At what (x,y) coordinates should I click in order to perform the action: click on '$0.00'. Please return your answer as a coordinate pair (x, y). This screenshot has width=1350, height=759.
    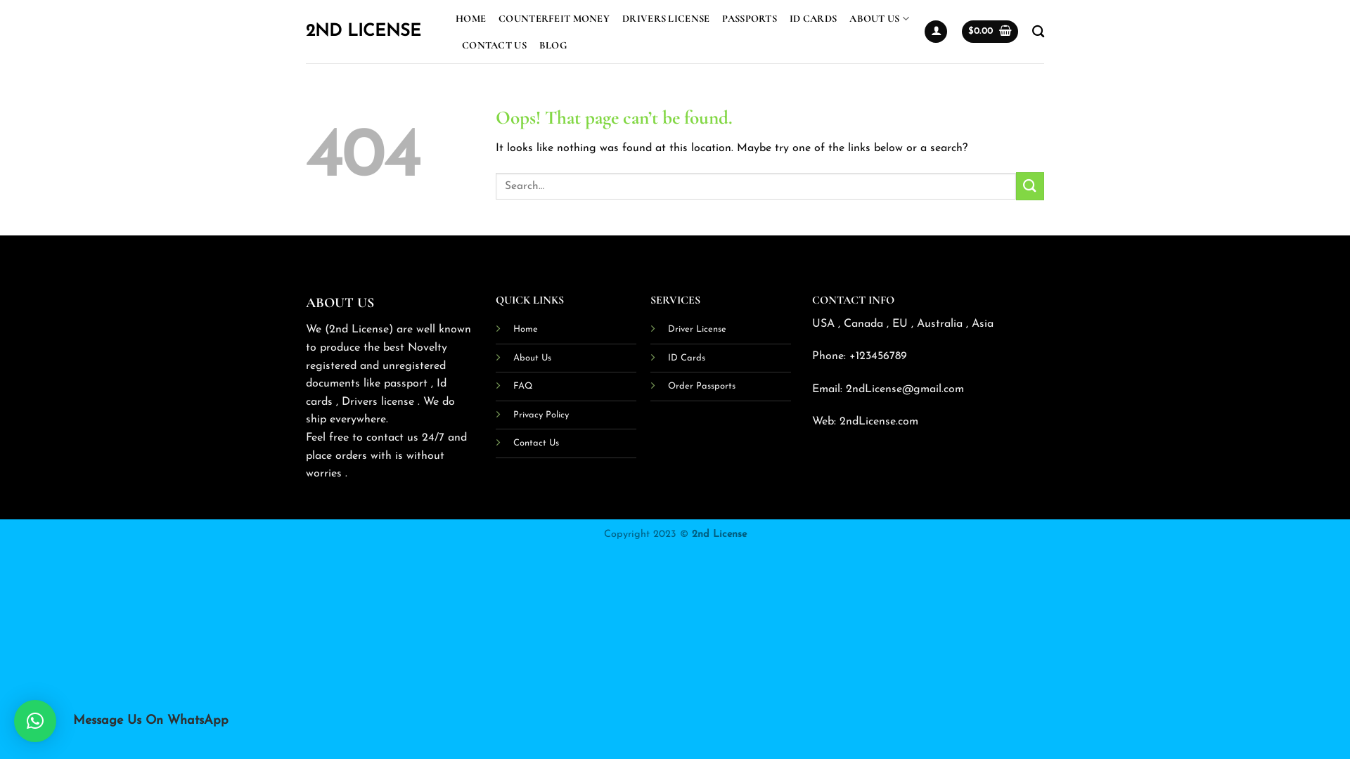
    Looking at the image, I should click on (961, 32).